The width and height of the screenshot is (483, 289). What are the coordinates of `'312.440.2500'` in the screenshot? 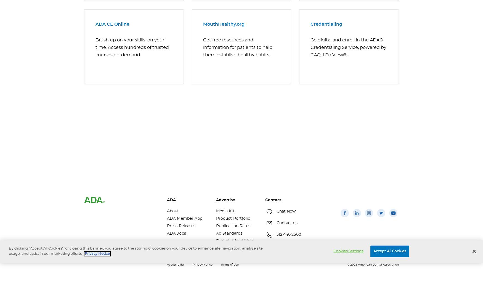 It's located at (288, 234).